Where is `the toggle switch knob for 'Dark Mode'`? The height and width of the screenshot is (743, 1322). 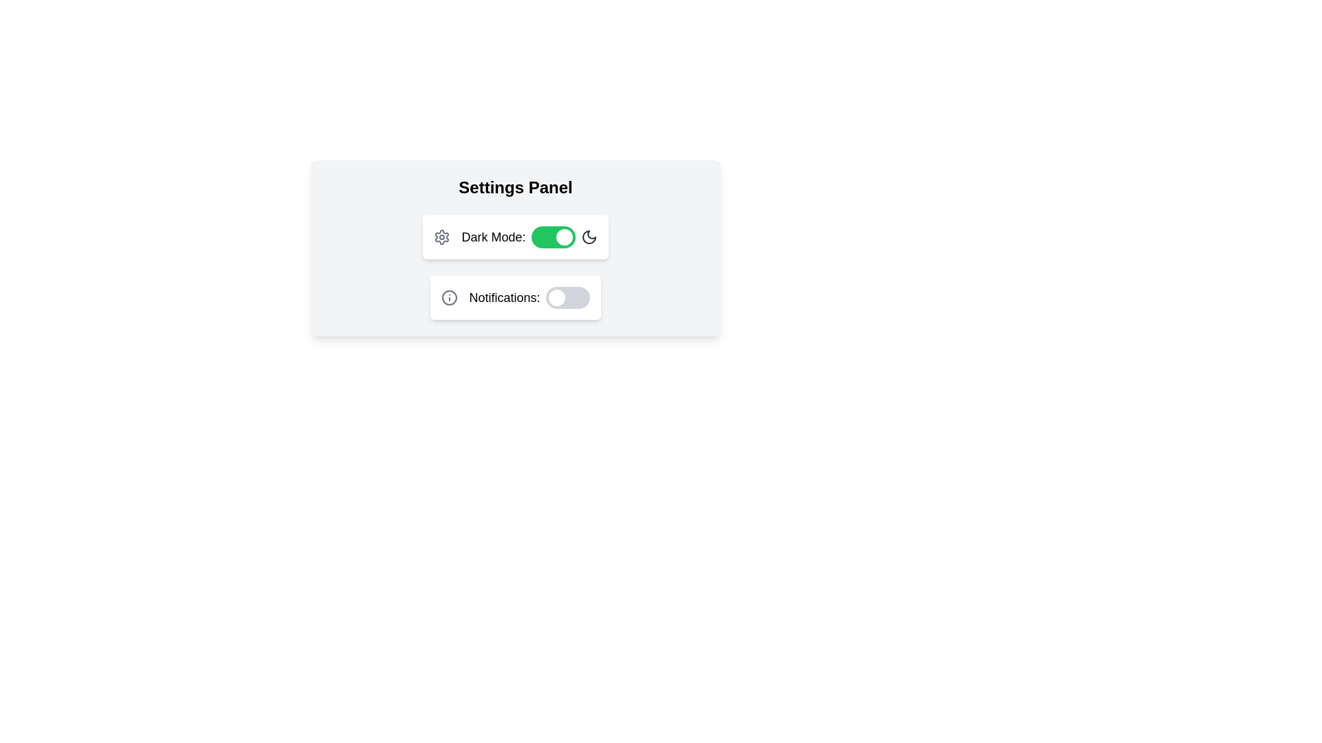 the toggle switch knob for 'Dark Mode' is located at coordinates (564, 236).